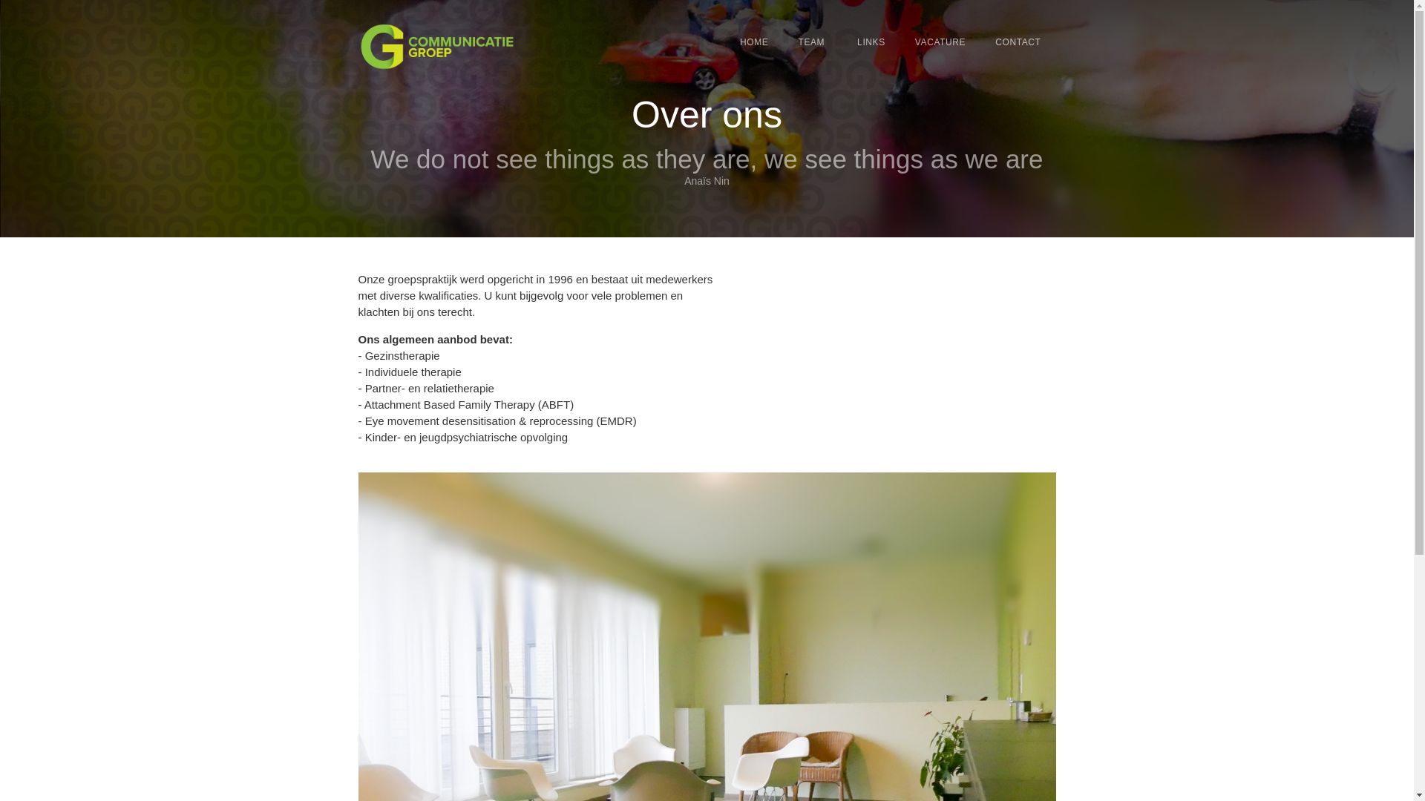  Describe the element at coordinates (940, 42) in the screenshot. I see `'VACATURE'` at that location.